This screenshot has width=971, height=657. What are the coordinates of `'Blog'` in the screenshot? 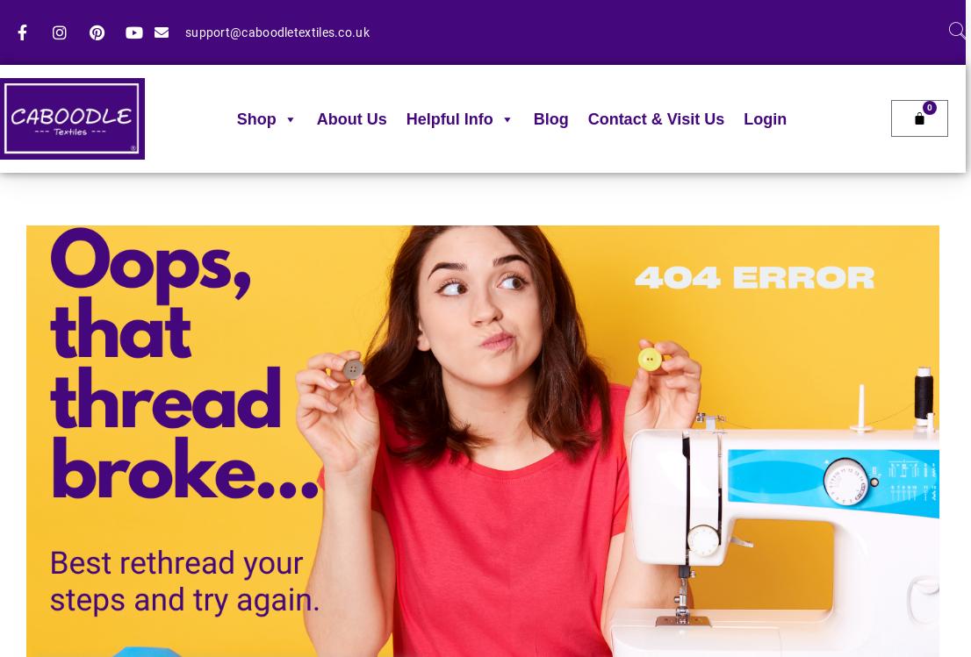 It's located at (549, 119).